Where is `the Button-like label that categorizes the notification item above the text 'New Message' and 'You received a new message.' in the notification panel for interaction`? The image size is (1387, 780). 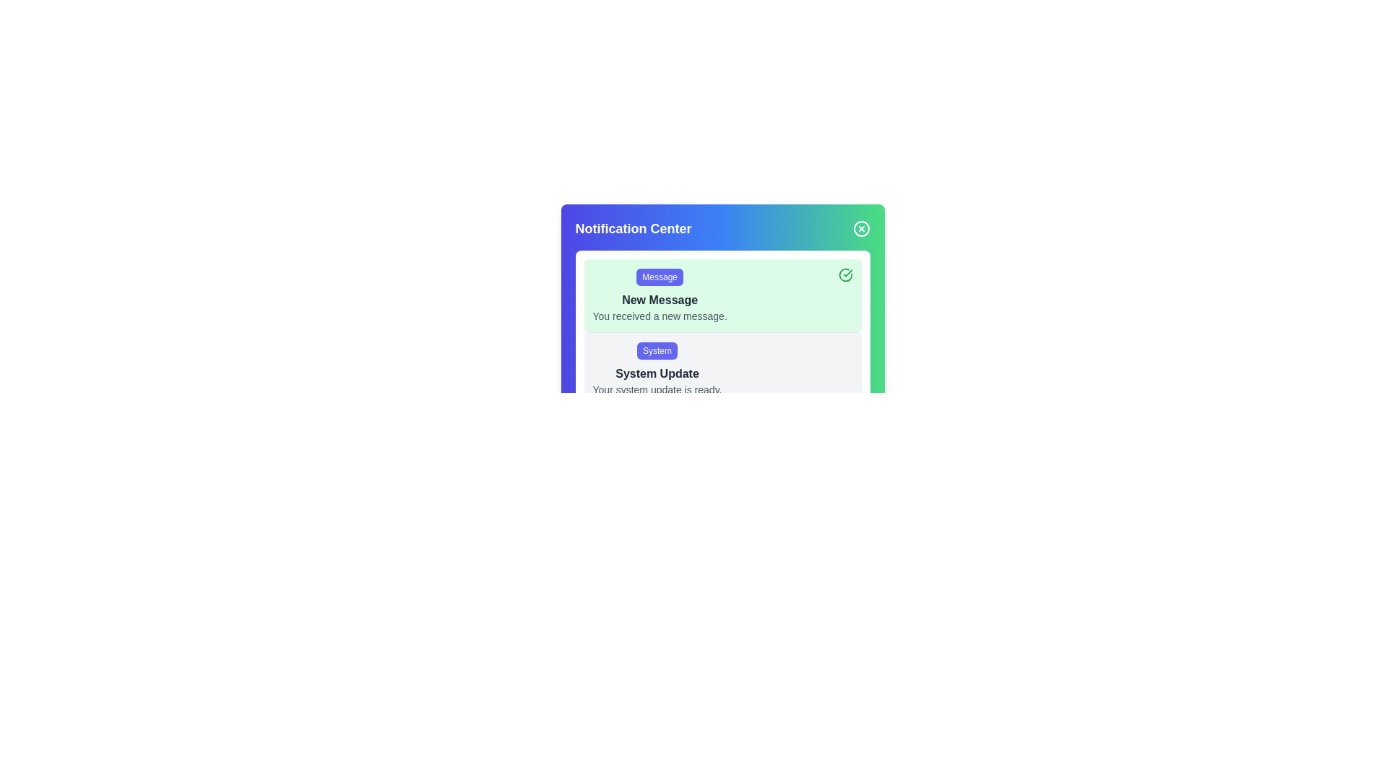 the Button-like label that categorizes the notification item above the text 'New Message' and 'You received a new message.' in the notification panel for interaction is located at coordinates (659, 277).